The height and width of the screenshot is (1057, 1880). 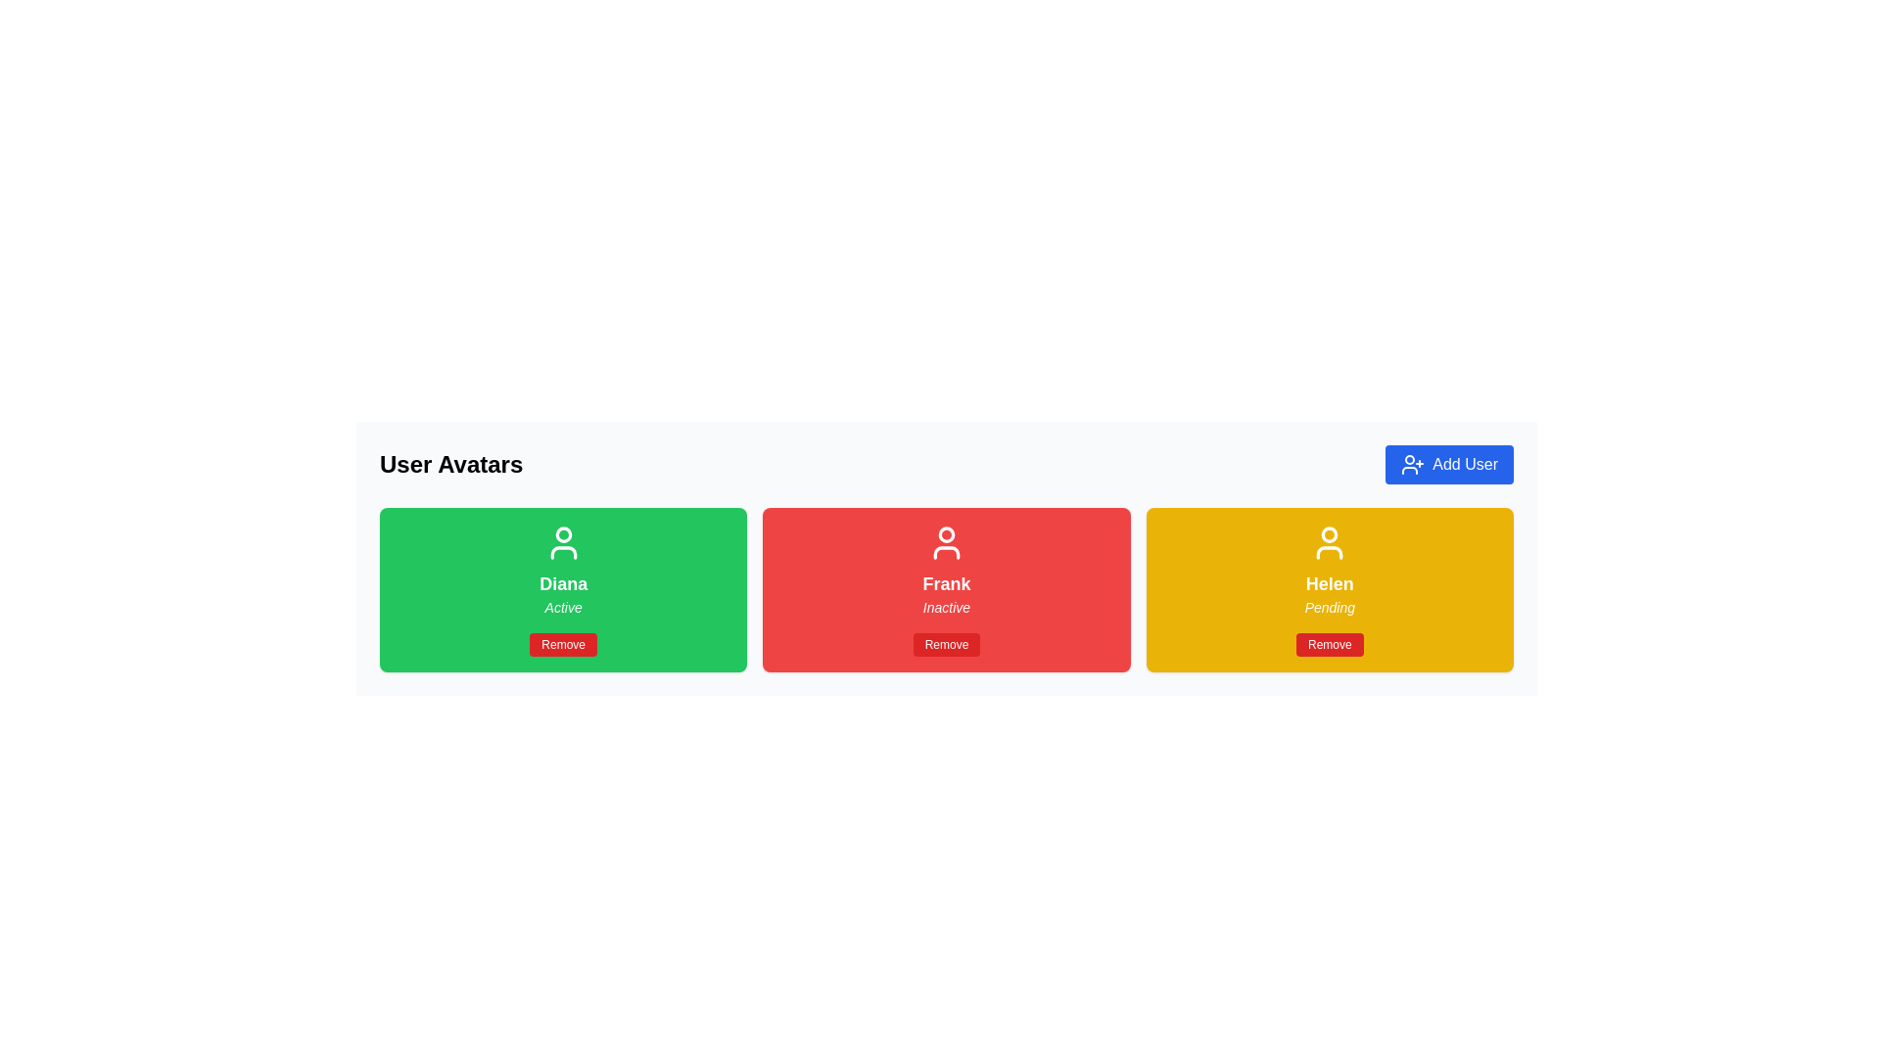 I want to click on the 'Add User' button, which is styled with bold text on a blue background, located in the top-right area of the user avatars section, next to Helen's yellow card, so click(x=1465, y=464).